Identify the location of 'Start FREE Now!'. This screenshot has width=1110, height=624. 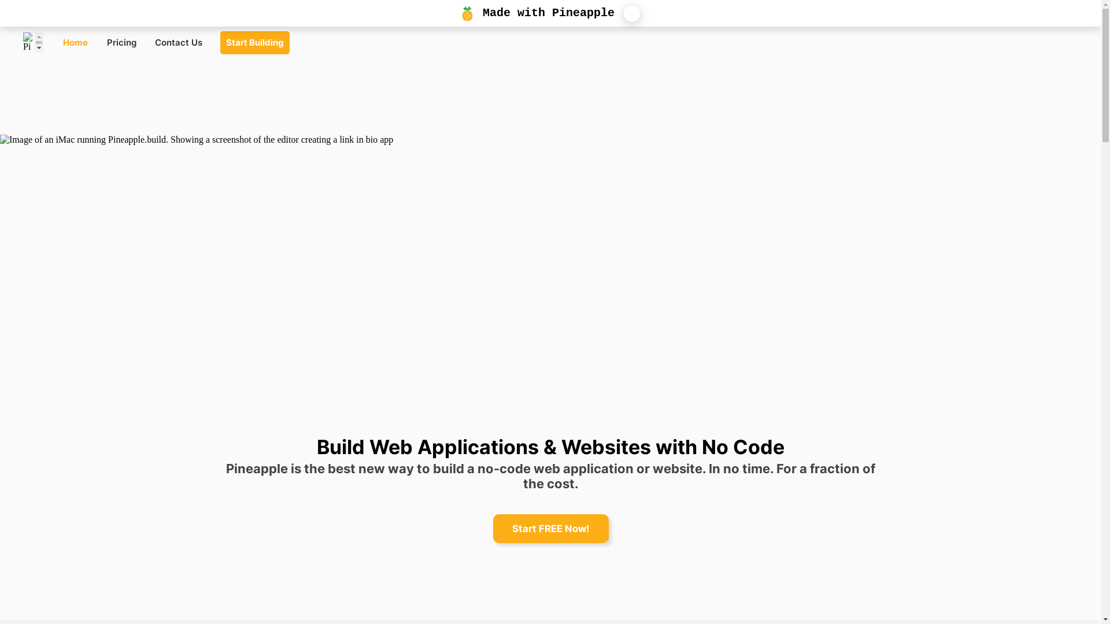
(549, 528).